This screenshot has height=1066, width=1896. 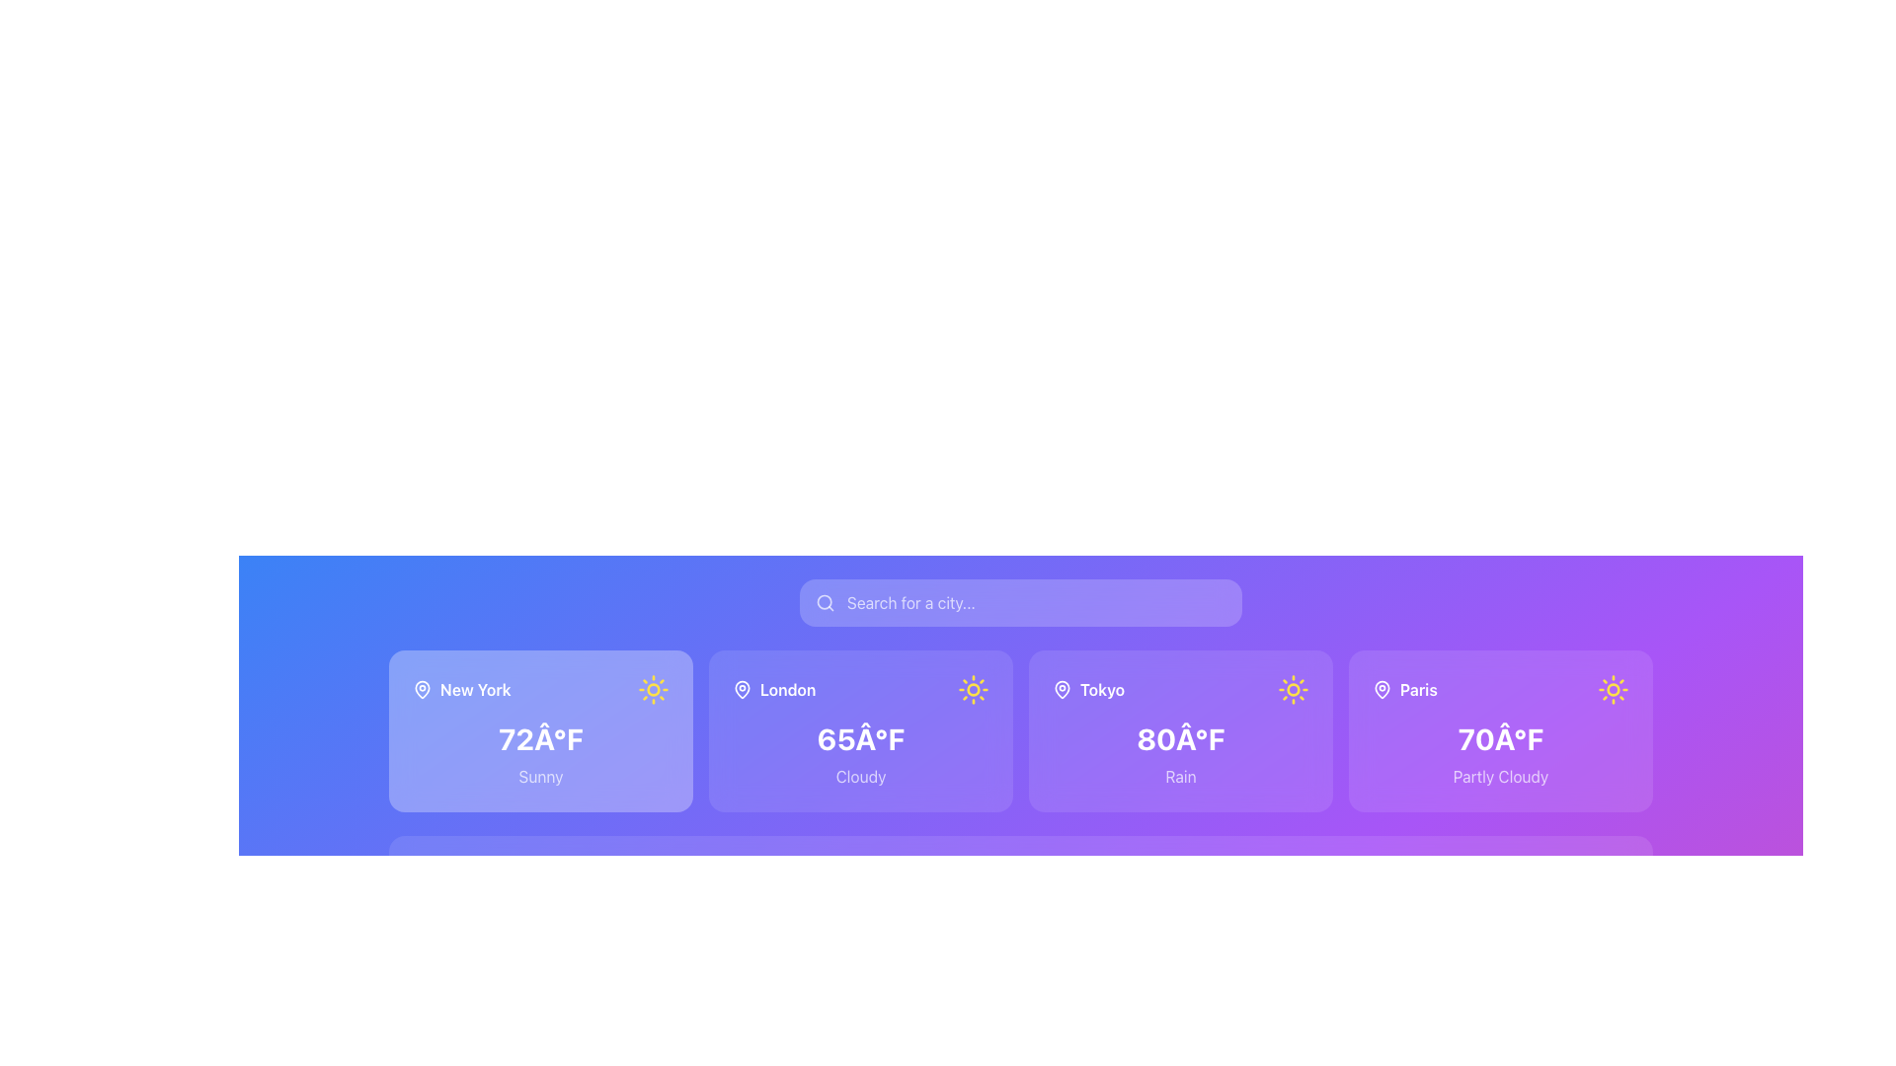 What do you see at coordinates (1501, 688) in the screenshot?
I see `the information displayed on the 'Paris' Label with icons, which includes the location name 'Paris' and associated weather icons, located within the Paris card of the weather dashboard` at bounding box center [1501, 688].